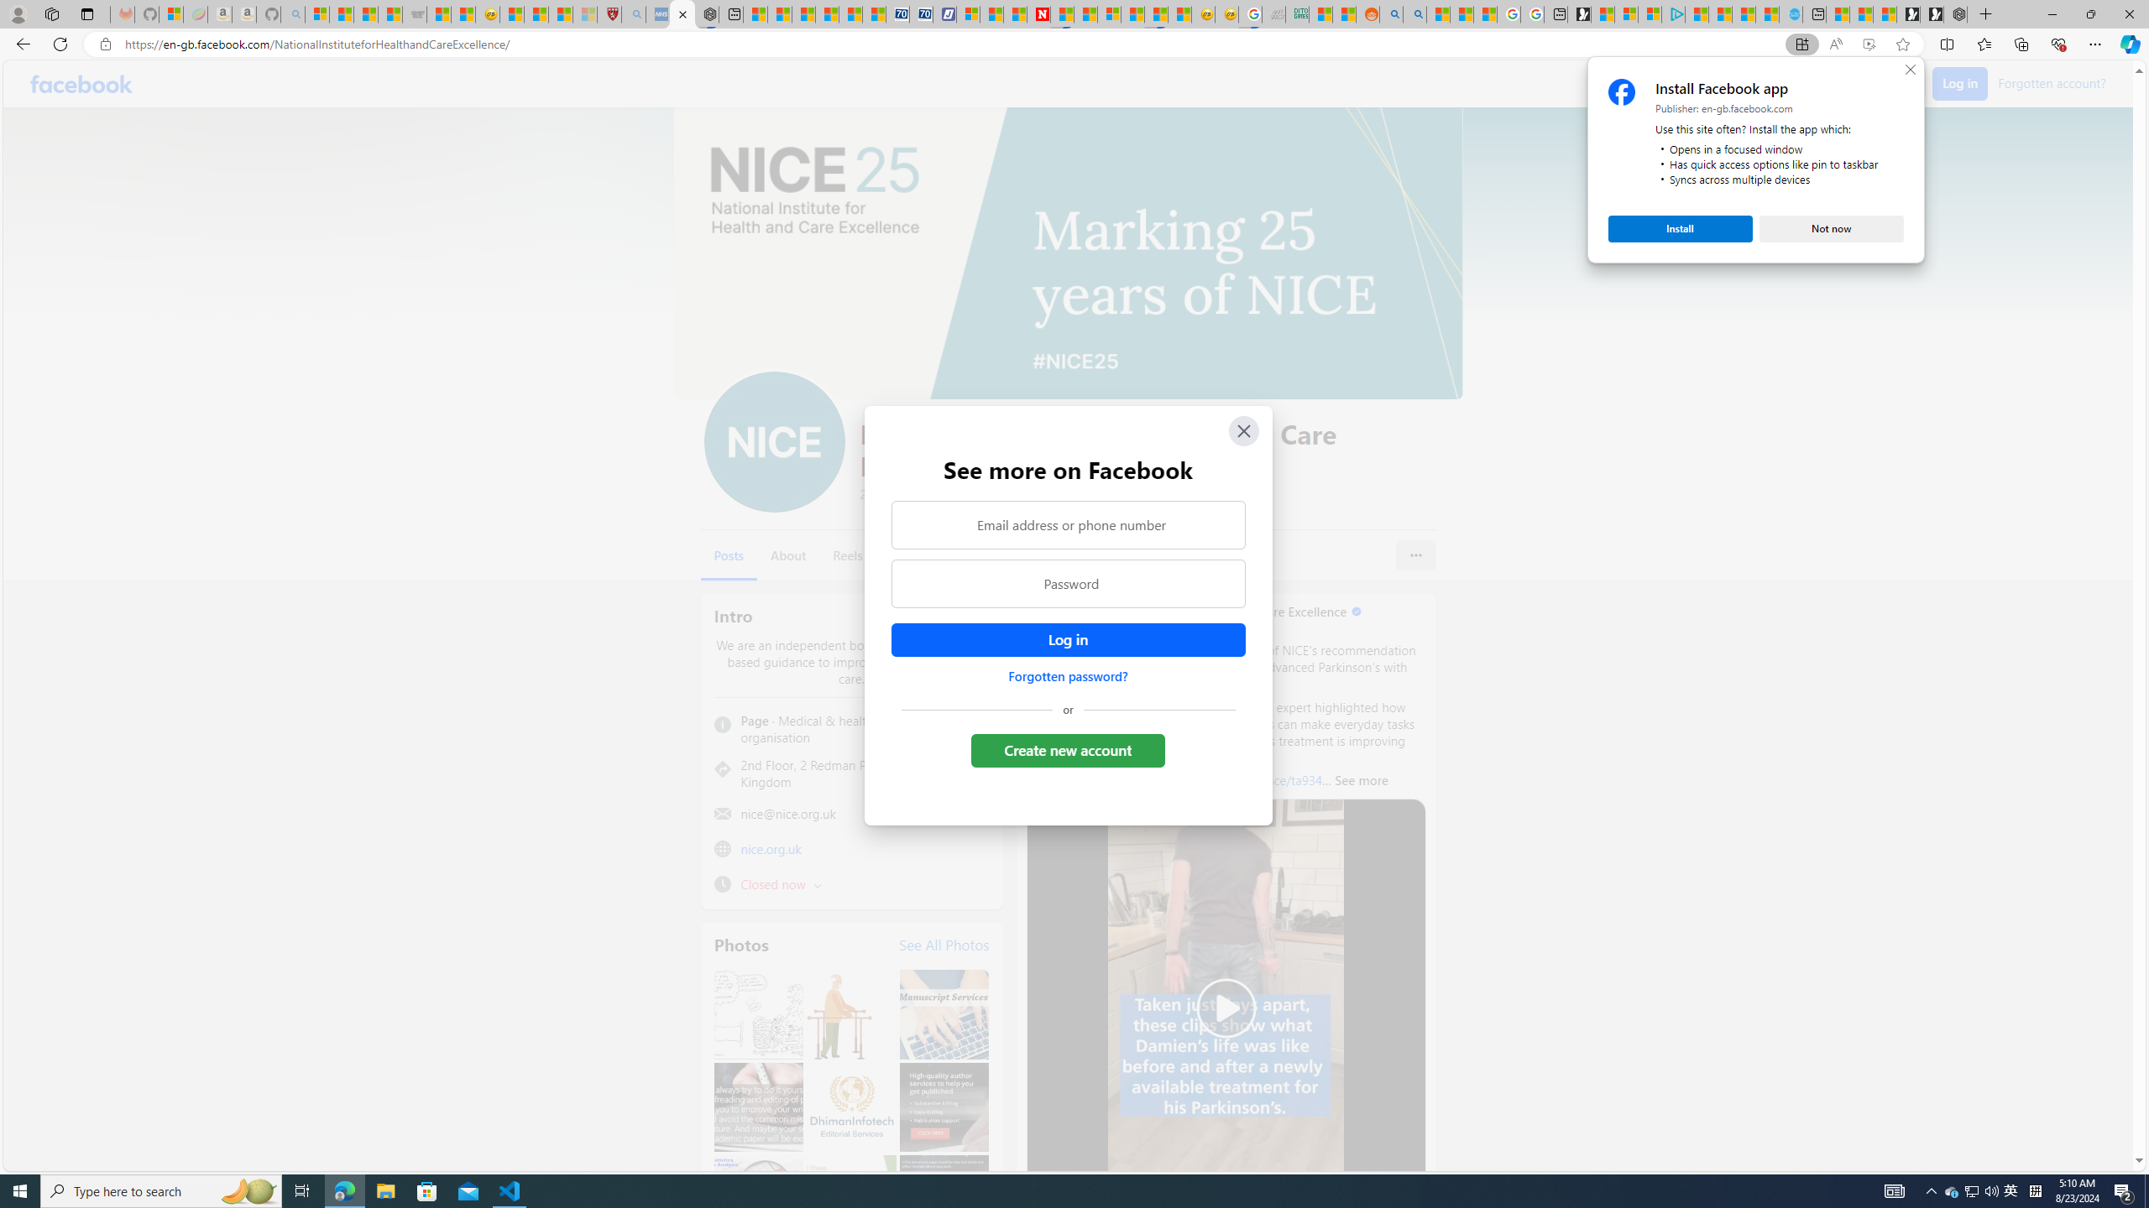  What do you see at coordinates (81, 83) in the screenshot?
I see `'Facebook'` at bounding box center [81, 83].